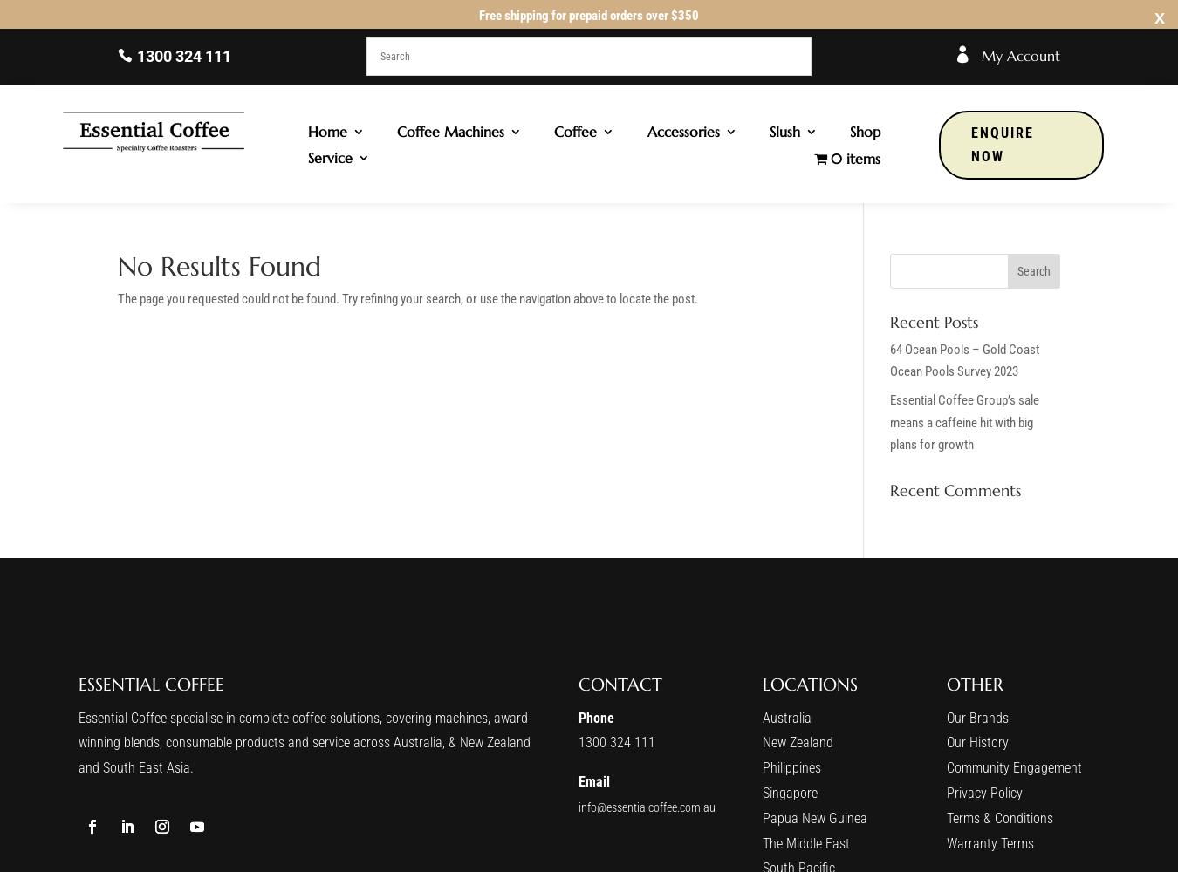 This screenshot has height=872, width=1178. Describe the element at coordinates (478, 192) in the screenshot. I see `'Automatic Coffee Machines'` at that location.